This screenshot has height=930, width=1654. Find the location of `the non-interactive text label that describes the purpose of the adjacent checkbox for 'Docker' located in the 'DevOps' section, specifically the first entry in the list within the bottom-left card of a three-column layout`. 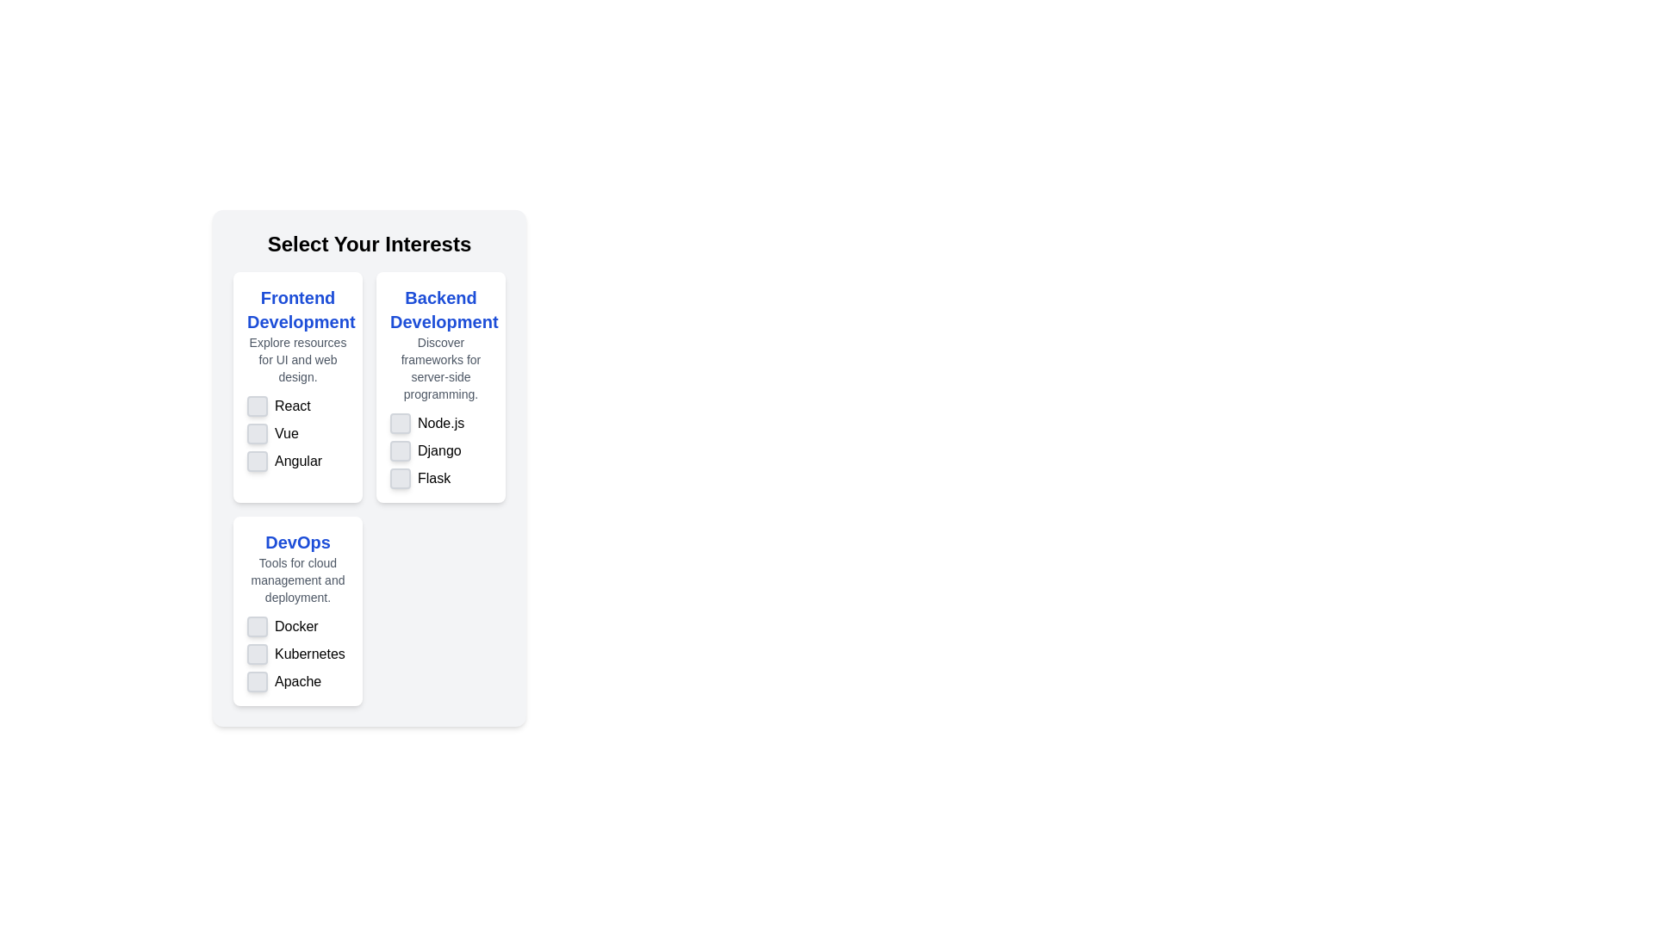

the non-interactive text label that describes the purpose of the adjacent checkbox for 'Docker' located in the 'DevOps' section, specifically the first entry in the list within the bottom-left card of a three-column layout is located at coordinates (297, 627).